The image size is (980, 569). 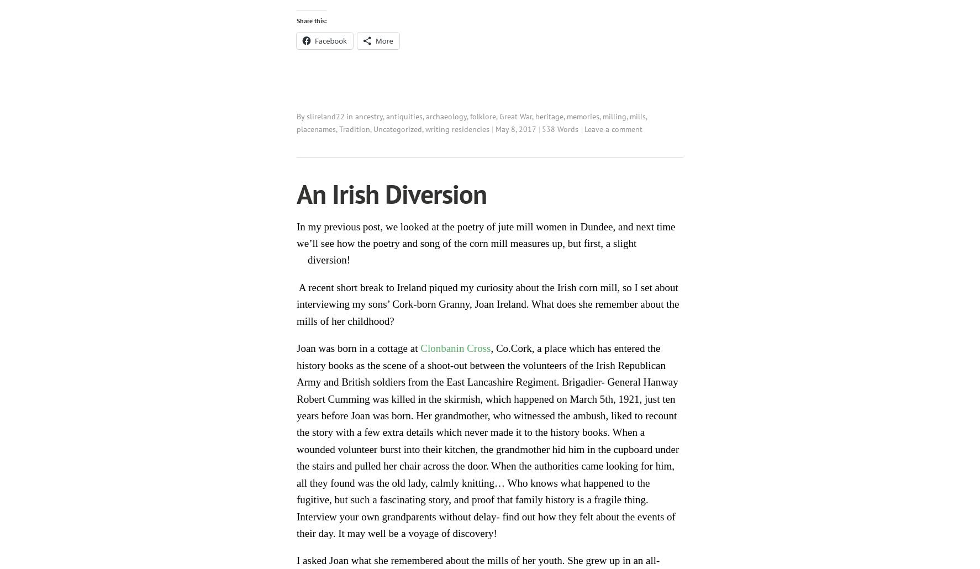 What do you see at coordinates (315, 128) in the screenshot?
I see `'placenames'` at bounding box center [315, 128].